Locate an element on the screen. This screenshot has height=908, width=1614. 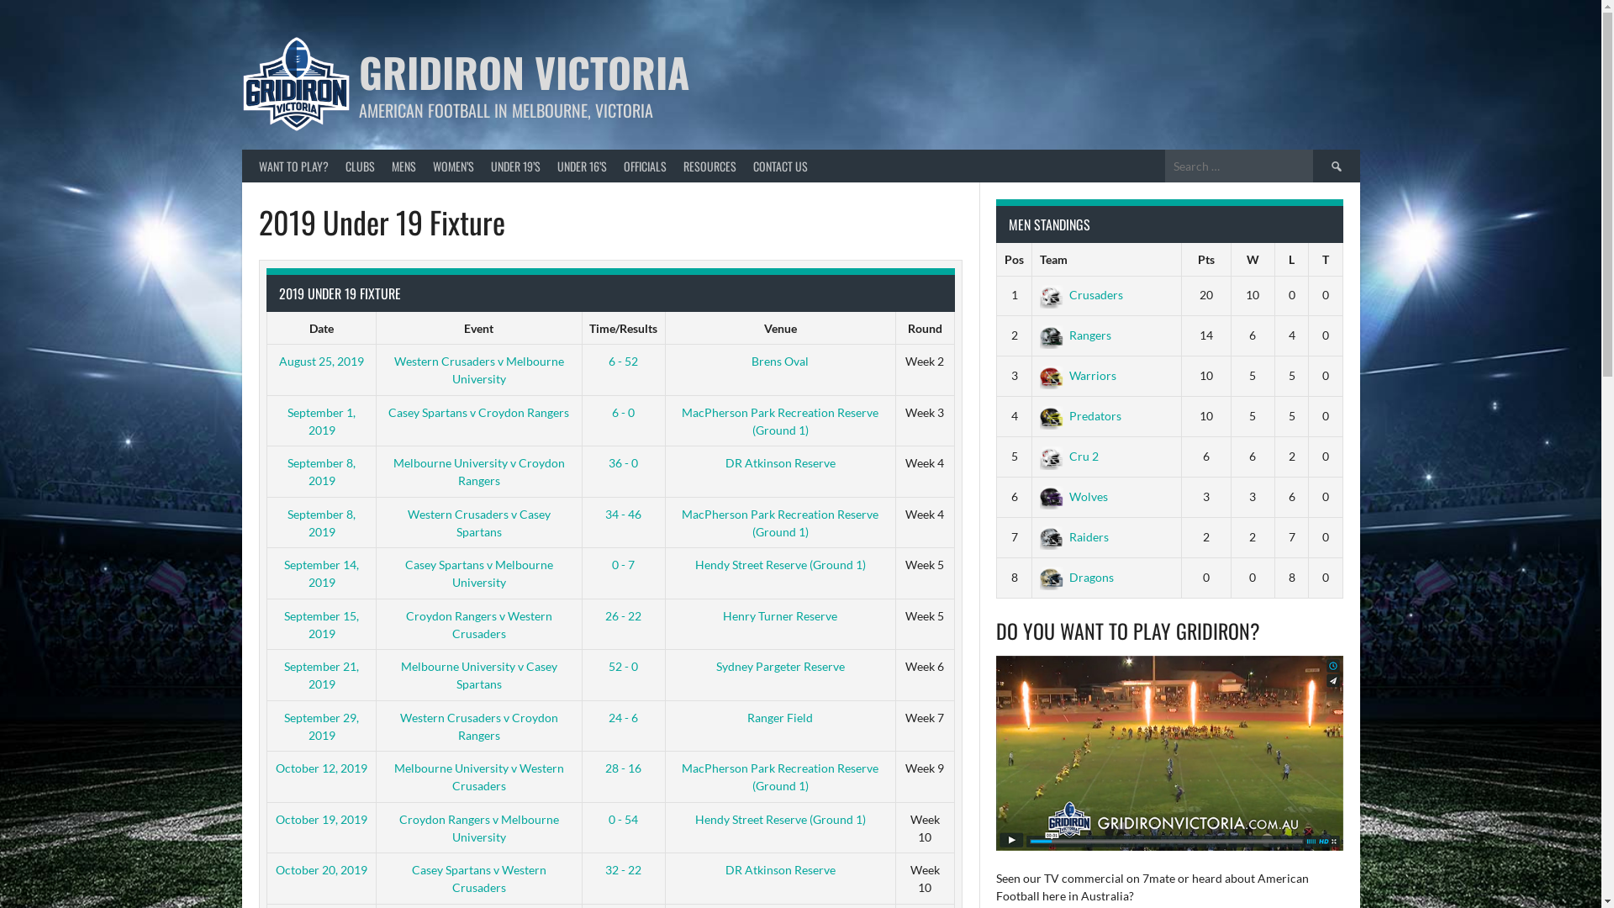
'Crusaders' is located at coordinates (1081, 293).